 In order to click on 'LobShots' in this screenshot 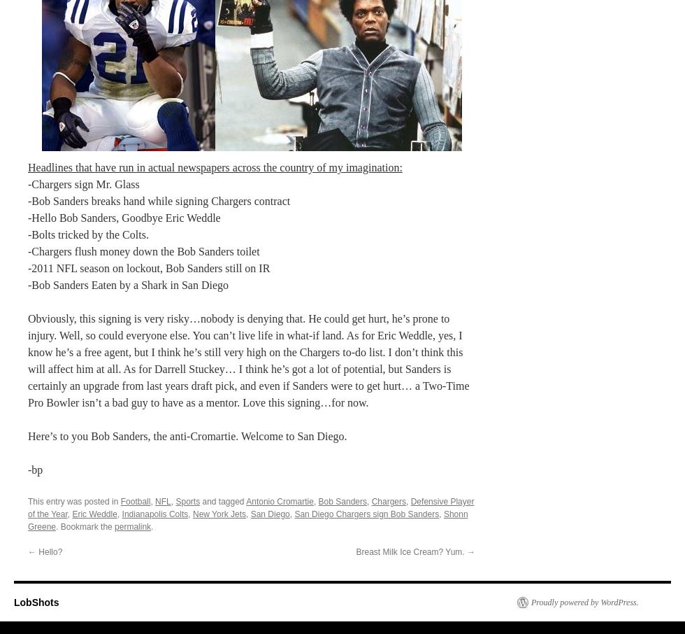, I will do `click(36, 600)`.